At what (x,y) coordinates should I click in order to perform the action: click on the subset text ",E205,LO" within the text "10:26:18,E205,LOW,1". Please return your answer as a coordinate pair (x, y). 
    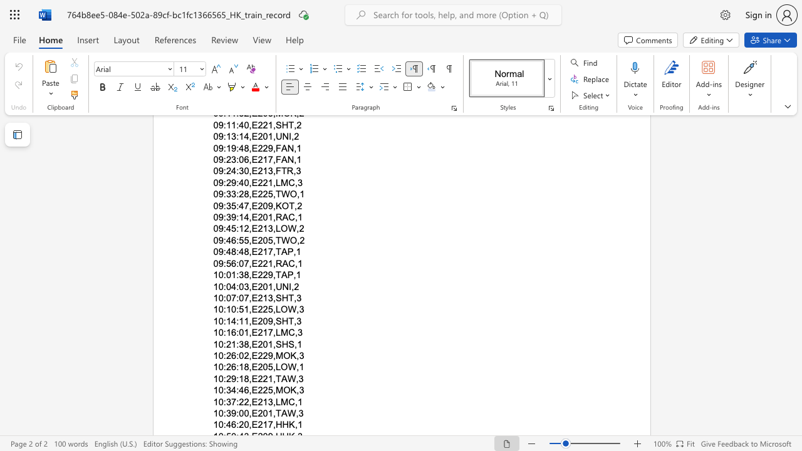
    Looking at the image, I should click on (249, 366).